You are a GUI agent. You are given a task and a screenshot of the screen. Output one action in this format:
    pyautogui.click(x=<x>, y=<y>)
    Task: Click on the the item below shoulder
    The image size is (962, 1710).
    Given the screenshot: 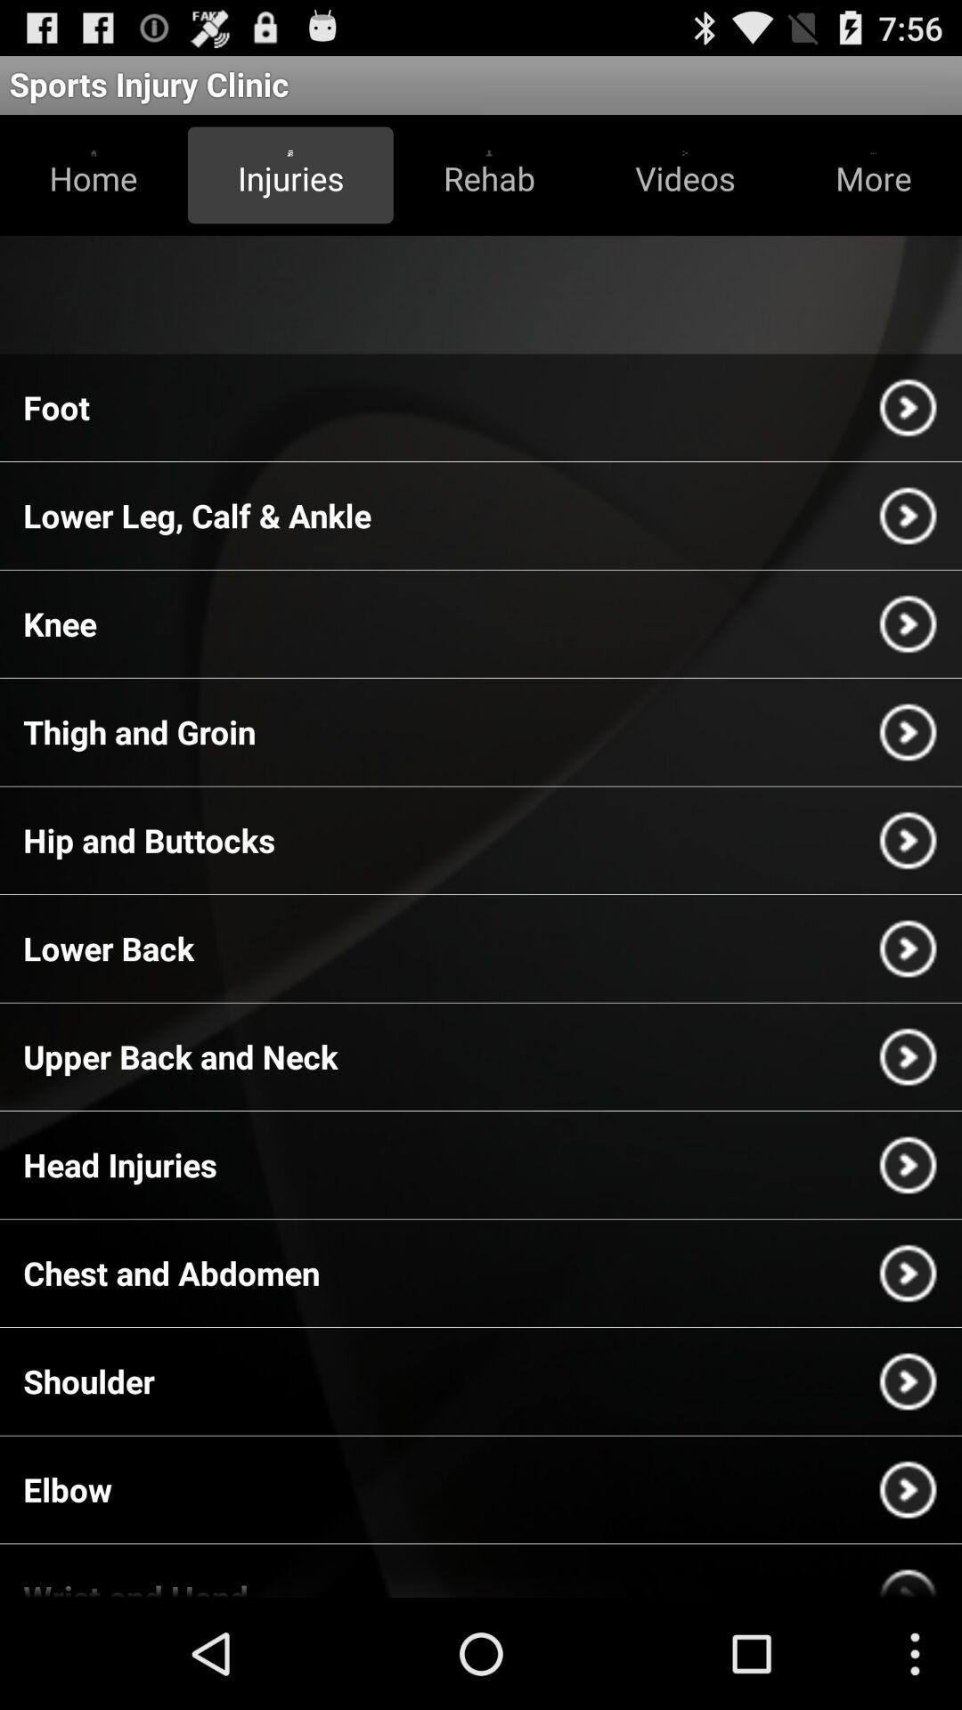 What is the action you would take?
    pyautogui.click(x=67, y=1489)
    